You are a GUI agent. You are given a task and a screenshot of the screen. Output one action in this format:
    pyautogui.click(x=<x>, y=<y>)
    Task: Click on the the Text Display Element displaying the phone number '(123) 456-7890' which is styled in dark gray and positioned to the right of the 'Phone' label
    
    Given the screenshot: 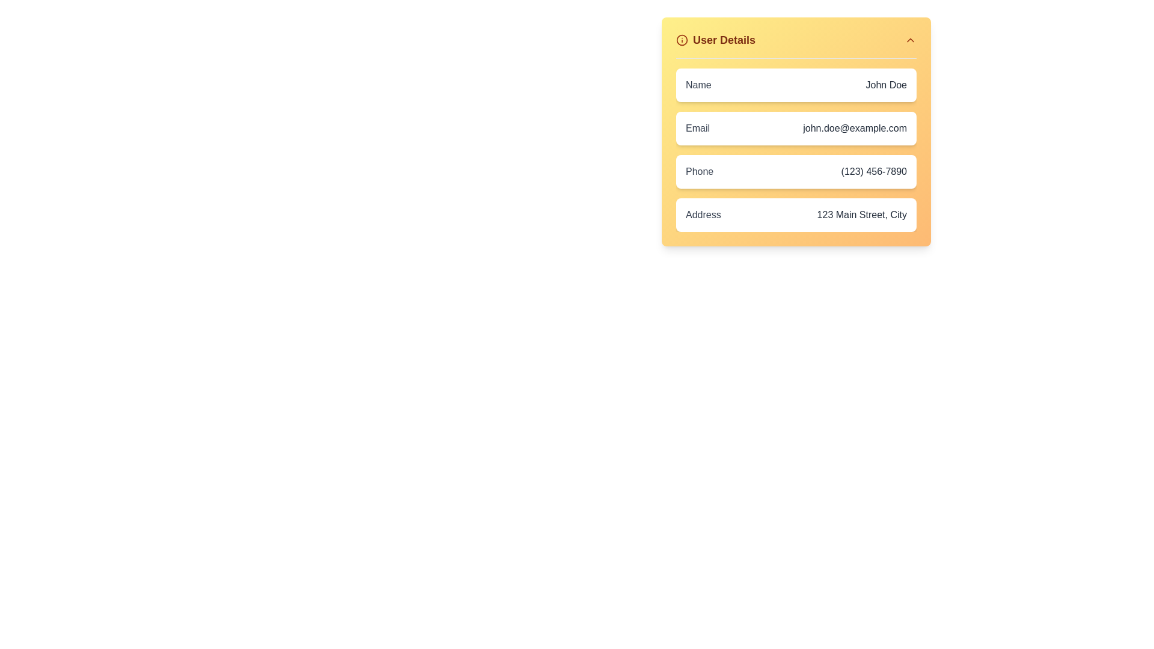 What is the action you would take?
    pyautogui.click(x=874, y=171)
    